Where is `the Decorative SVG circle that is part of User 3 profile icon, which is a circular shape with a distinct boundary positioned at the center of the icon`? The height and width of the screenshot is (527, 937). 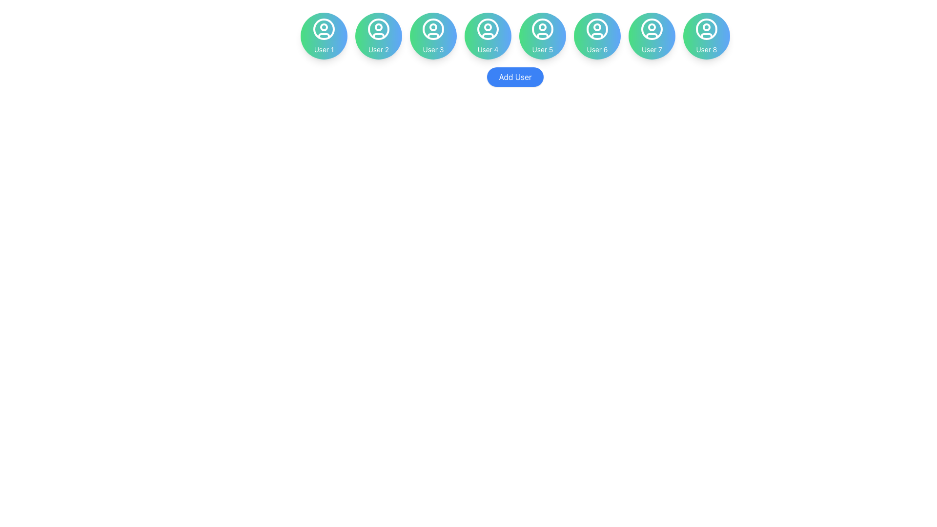
the Decorative SVG circle that is part of User 3 profile icon, which is a circular shape with a distinct boundary positioned at the center of the icon is located at coordinates (433, 27).